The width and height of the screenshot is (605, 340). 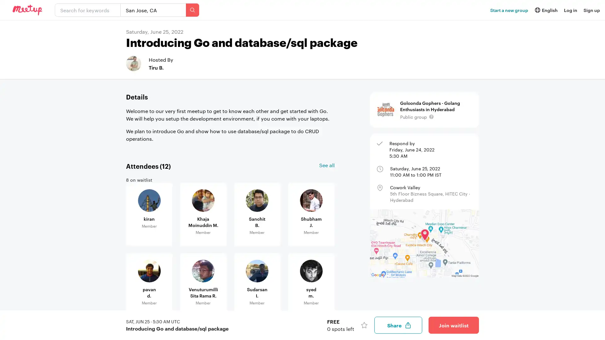 I want to click on Save event, so click(x=364, y=325).